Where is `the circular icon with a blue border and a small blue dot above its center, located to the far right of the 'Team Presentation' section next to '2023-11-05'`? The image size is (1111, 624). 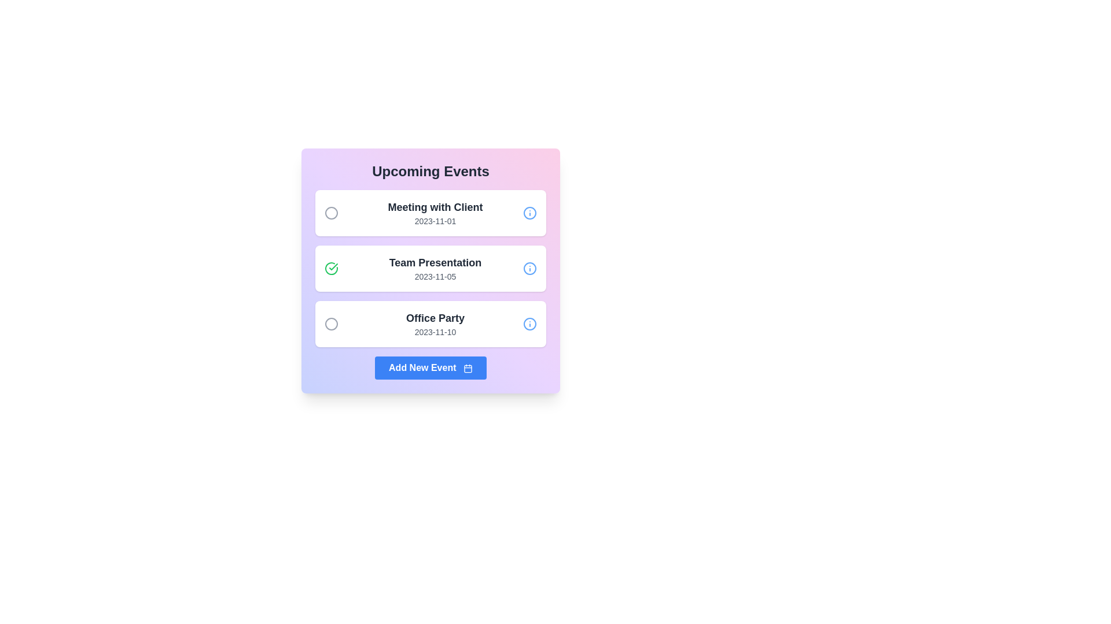 the circular icon with a blue border and a small blue dot above its center, located to the far right of the 'Team Presentation' section next to '2023-11-05' is located at coordinates (529, 269).